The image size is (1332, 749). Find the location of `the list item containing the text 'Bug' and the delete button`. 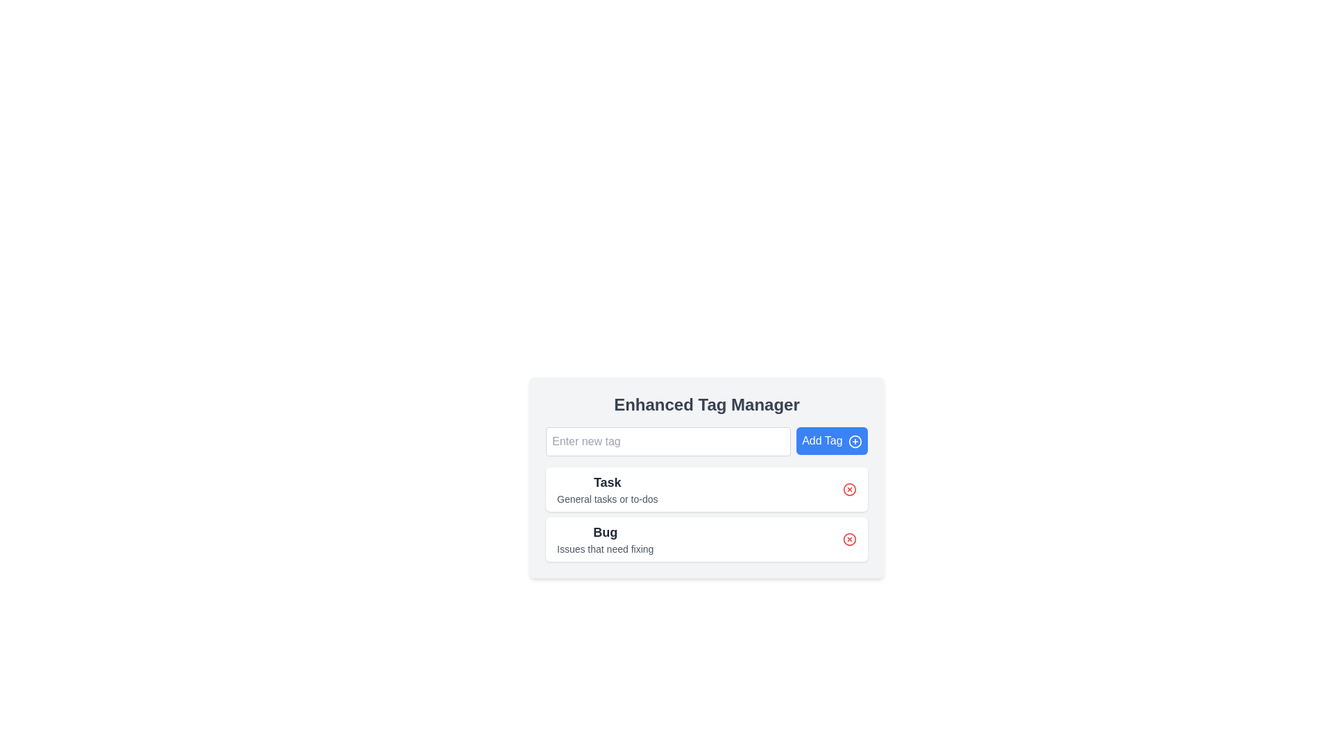

the list item containing the text 'Bug' and the delete button is located at coordinates (706, 539).